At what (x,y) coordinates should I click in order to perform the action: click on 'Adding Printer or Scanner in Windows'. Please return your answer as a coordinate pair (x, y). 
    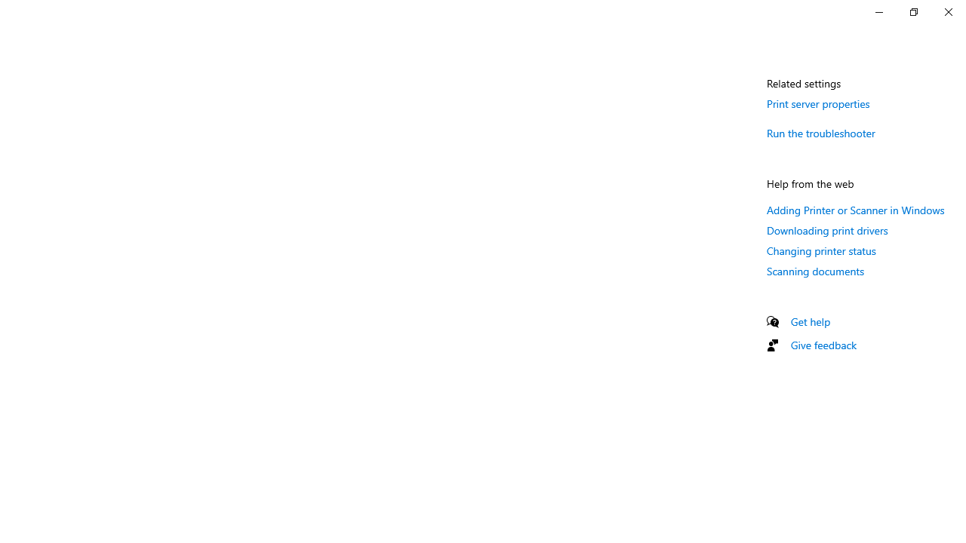
    Looking at the image, I should click on (856, 210).